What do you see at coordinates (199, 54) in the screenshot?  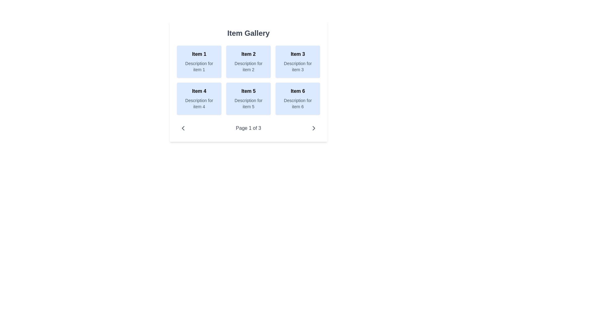 I see `the text label 'Item 1' located in the top card of the leftmost column in the 'Item Gallery' interface` at bounding box center [199, 54].